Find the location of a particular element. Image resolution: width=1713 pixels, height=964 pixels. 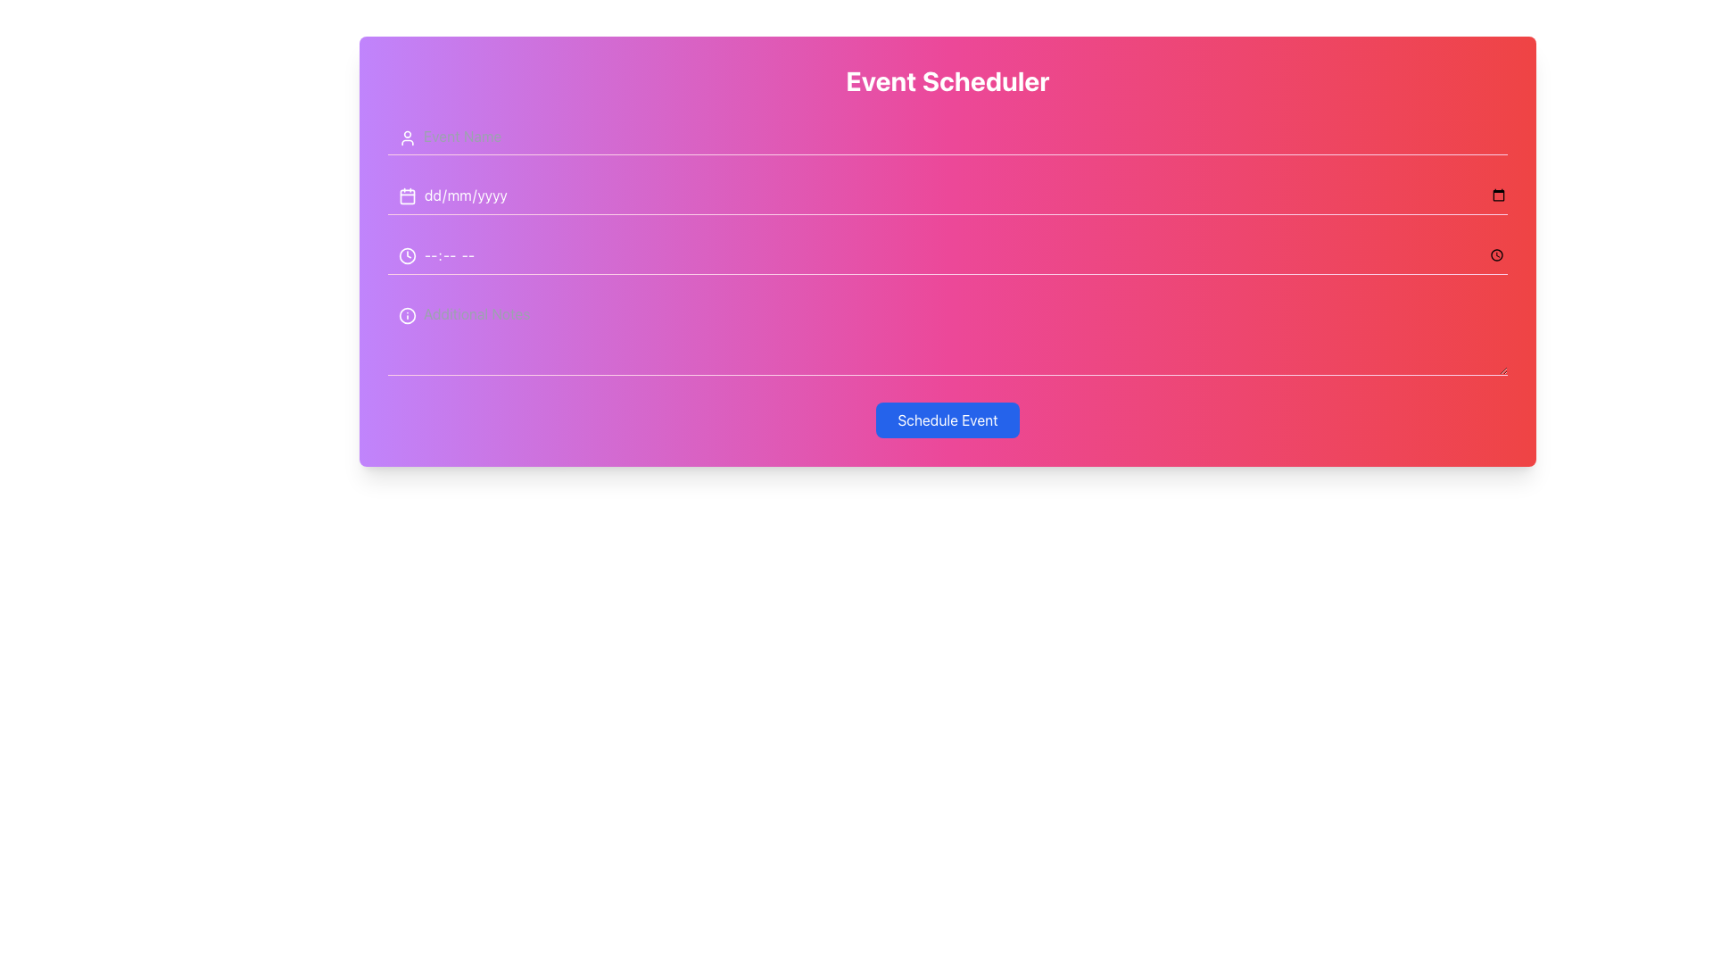

the time input field, which is the third input in the form, to focus on it is located at coordinates (947, 255).